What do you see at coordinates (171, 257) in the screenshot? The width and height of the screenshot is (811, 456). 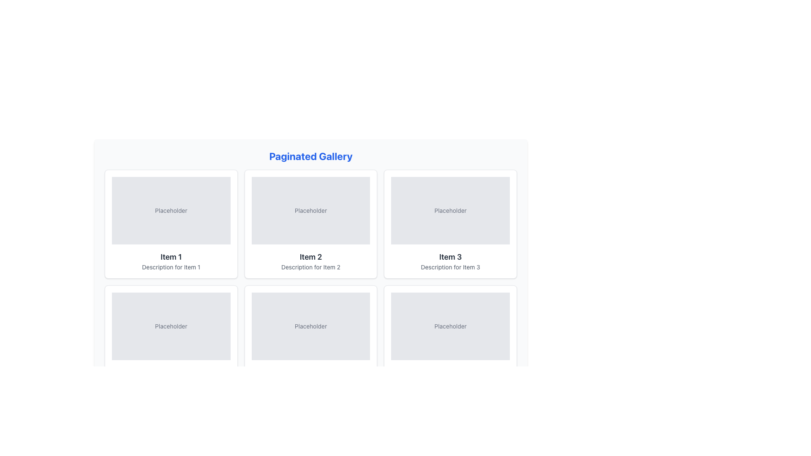 I see `the text label that identifies the card's item, positioned below a placeholder image and above the description text in the paginated gallery layout` at bounding box center [171, 257].